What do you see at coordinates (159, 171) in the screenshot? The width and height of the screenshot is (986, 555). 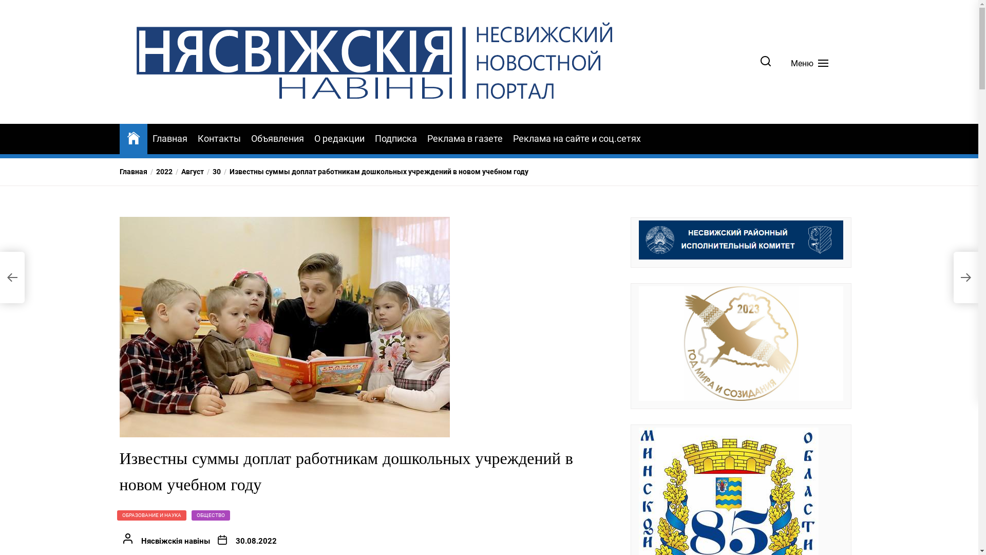 I see `'2022'` at bounding box center [159, 171].